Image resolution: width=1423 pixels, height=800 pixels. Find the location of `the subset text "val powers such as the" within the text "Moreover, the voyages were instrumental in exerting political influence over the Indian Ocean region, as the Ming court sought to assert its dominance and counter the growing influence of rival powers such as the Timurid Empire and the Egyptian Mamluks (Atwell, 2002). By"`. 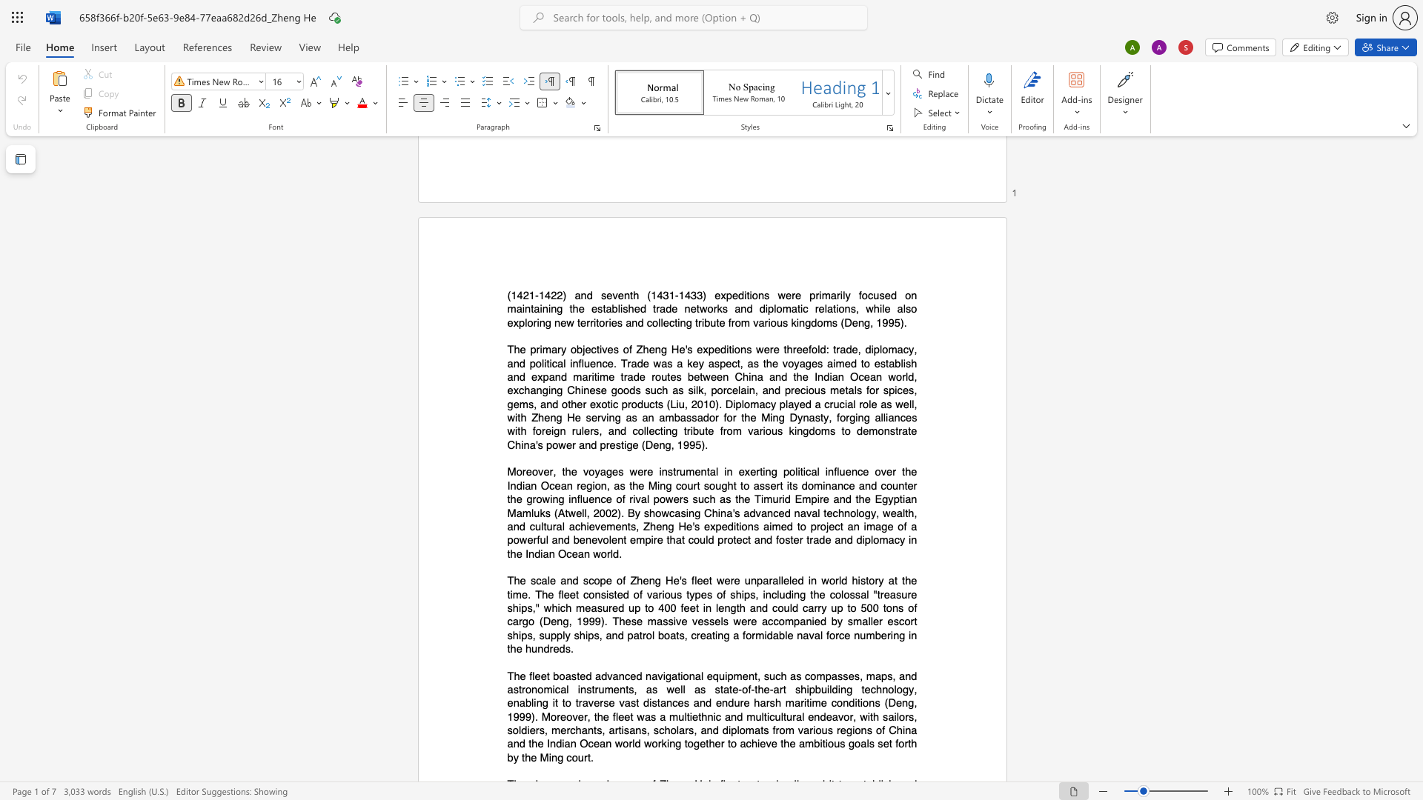

the subset text "val powers such as the" within the text "Moreover, the voyages were instrumental in exerting political influence over the Indian Ocean region, as the Ming court sought to assert its dominance and counter the growing influence of rival powers such as the Timurid Empire and the Egyptian Mamluks (Atwell, 2002). By" is located at coordinates (635, 499).